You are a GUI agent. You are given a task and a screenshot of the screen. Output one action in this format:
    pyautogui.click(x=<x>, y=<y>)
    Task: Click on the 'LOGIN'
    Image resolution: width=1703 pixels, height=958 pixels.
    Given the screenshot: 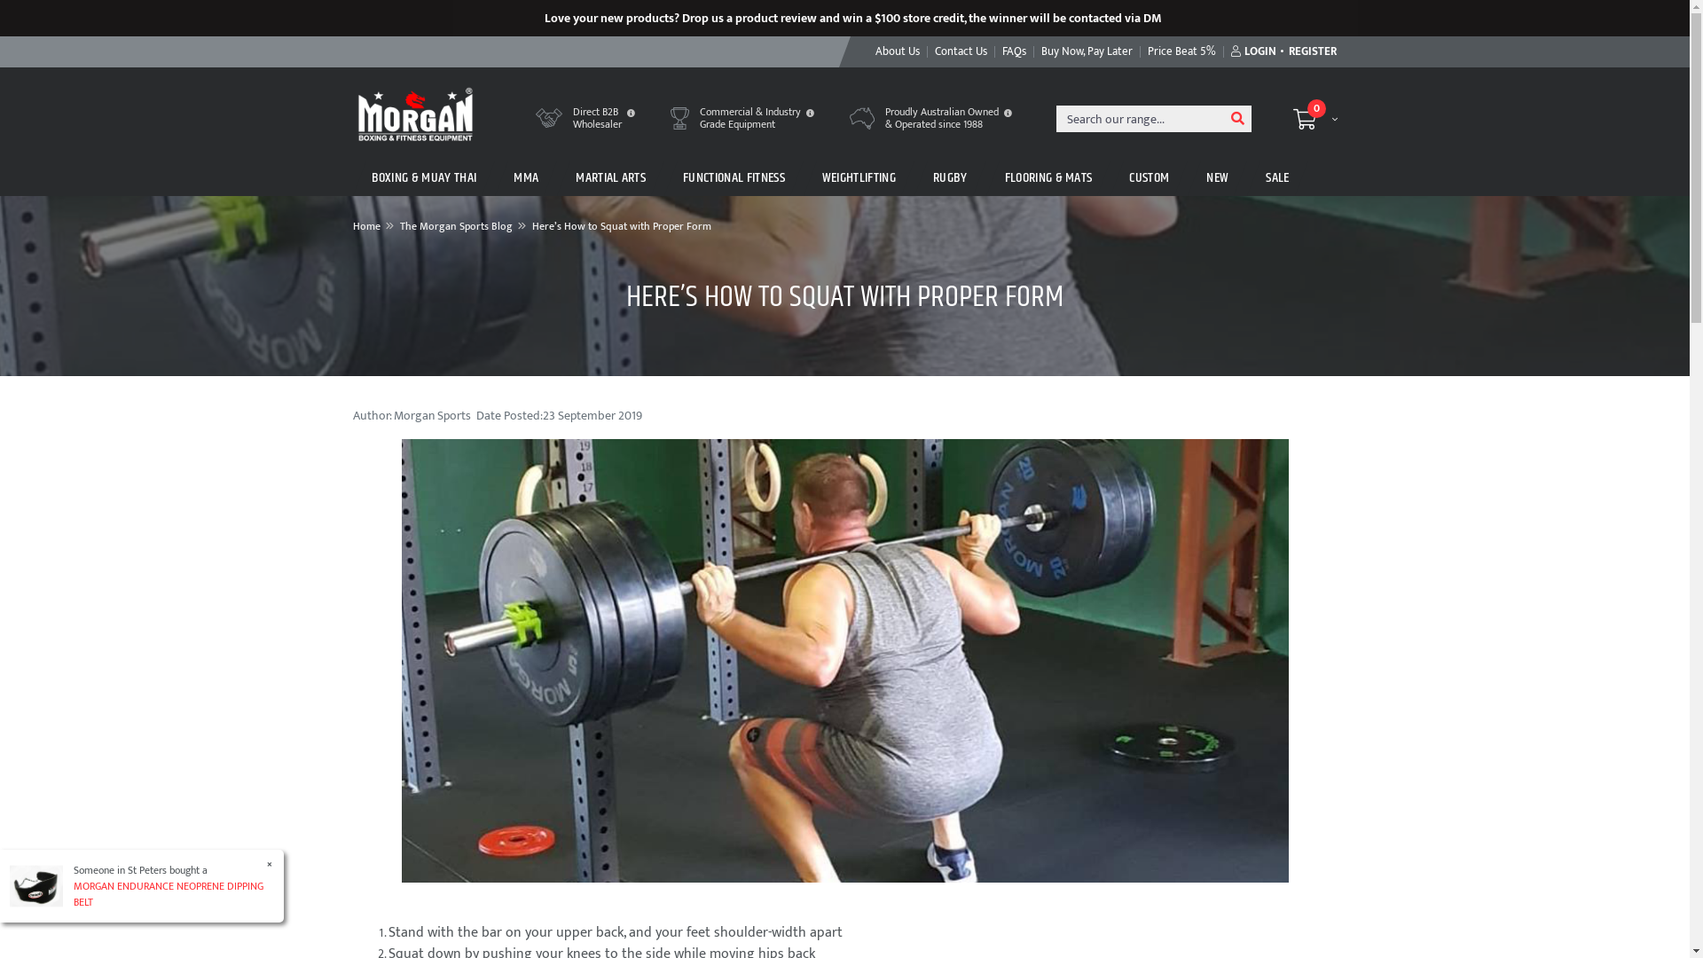 What is the action you would take?
    pyautogui.click(x=1251, y=51)
    